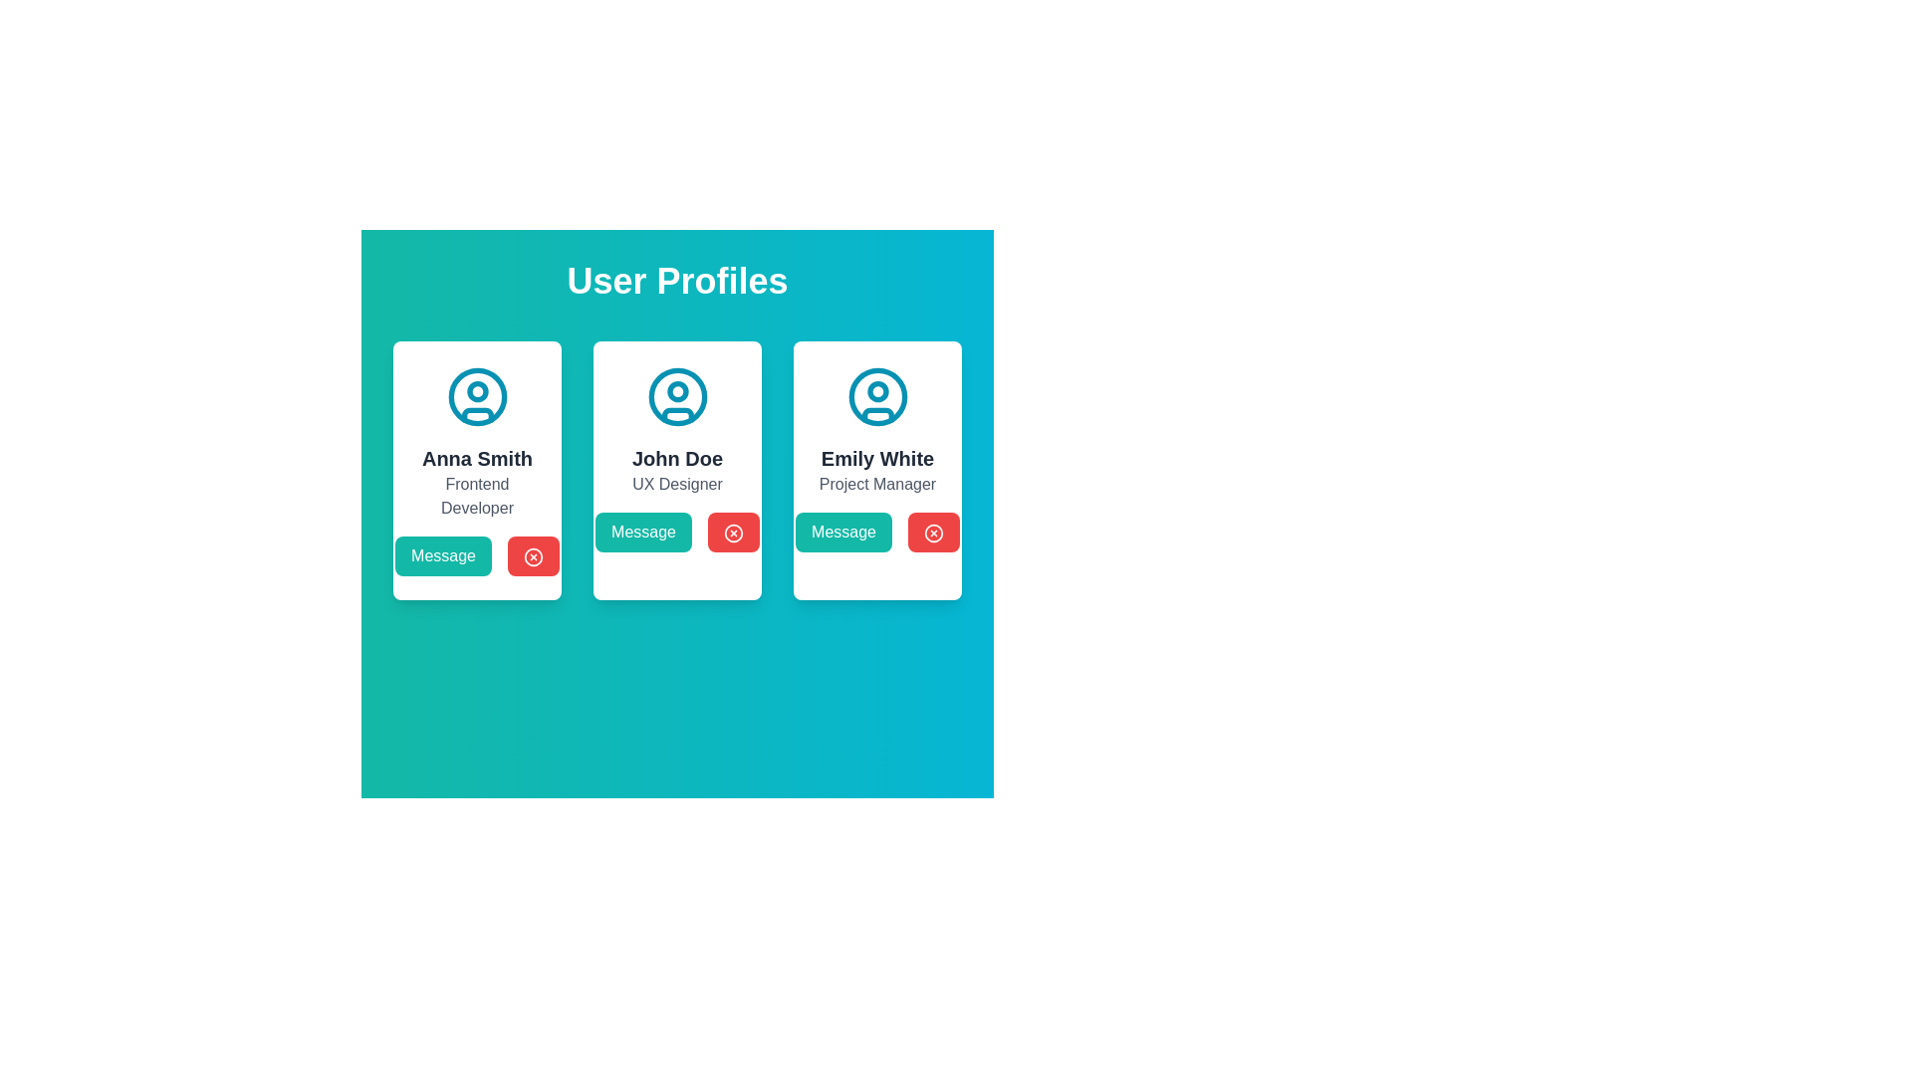 This screenshot has height=1075, width=1912. I want to click on the circular head component of the avatar for Emily White in the third profile card of the 'User Profiles' section, so click(876, 391).